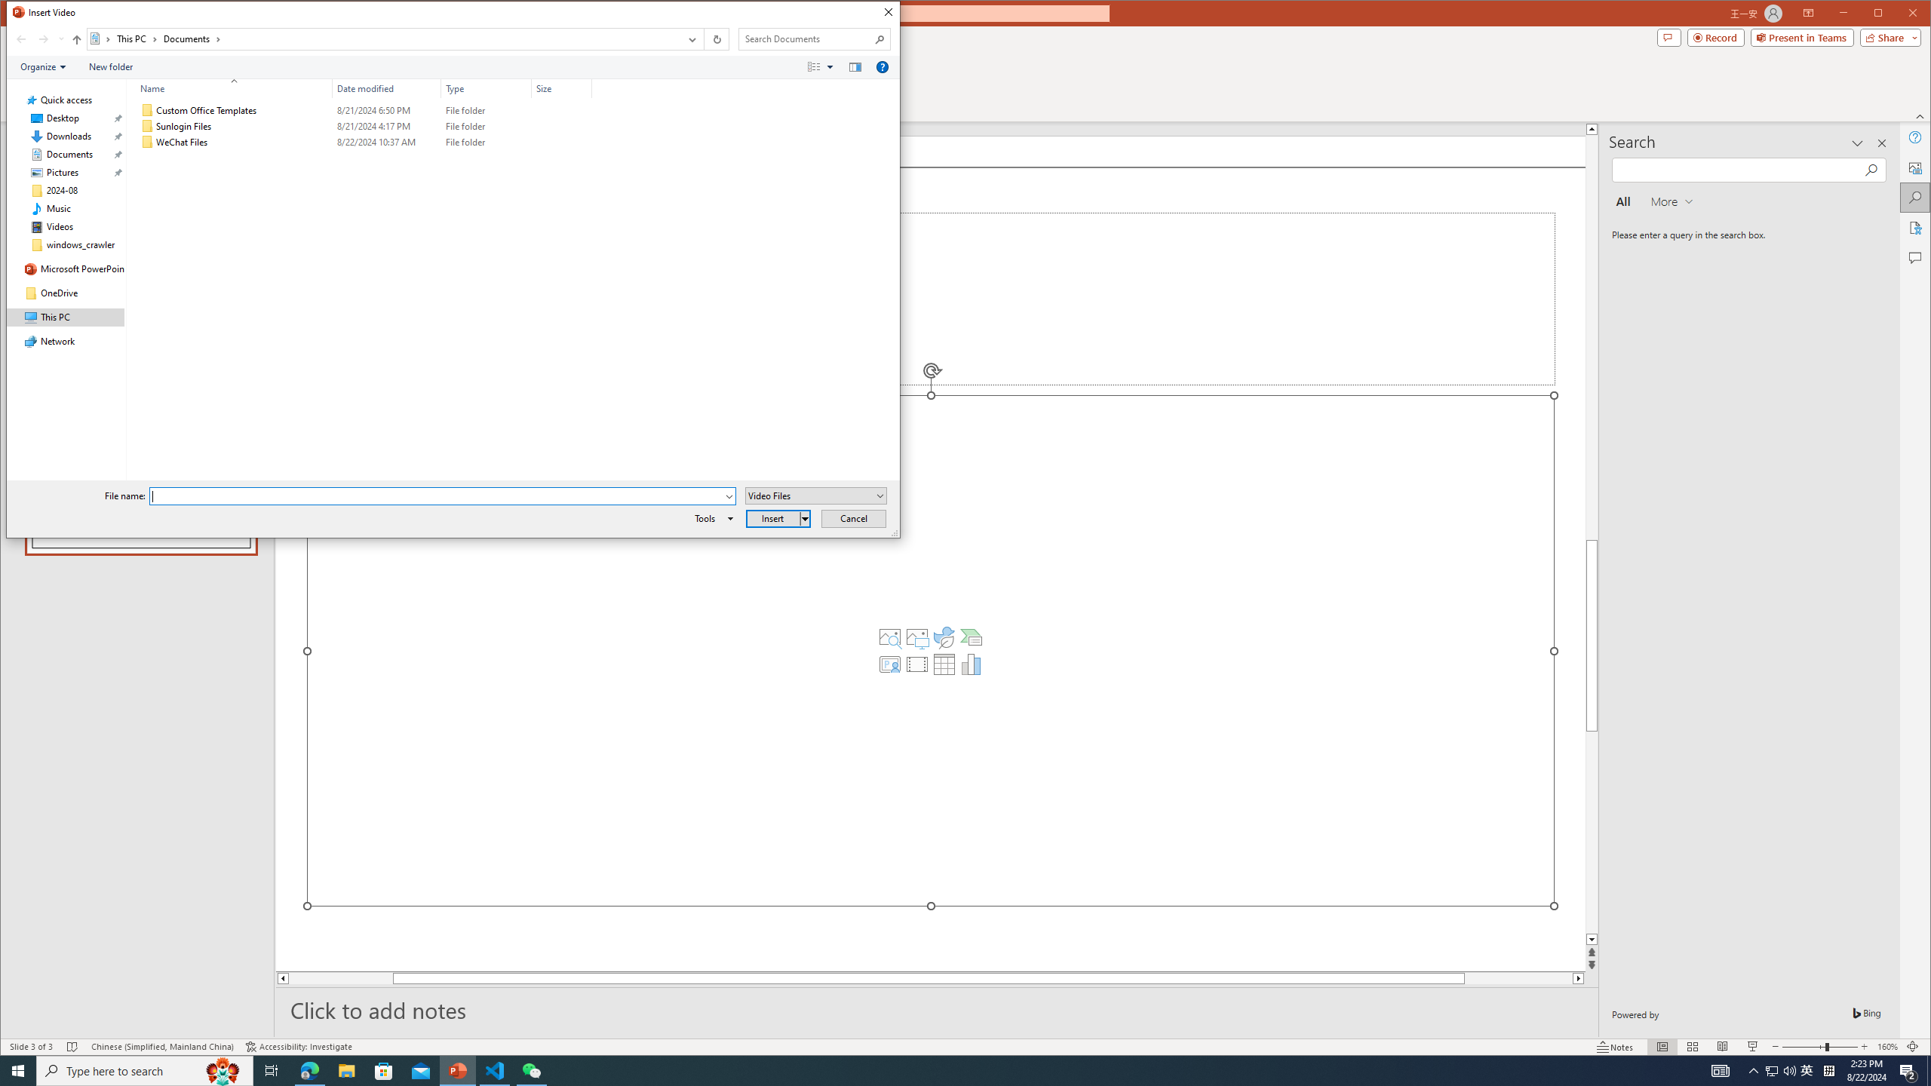 The image size is (1931, 1086). Describe the element at coordinates (191, 38) in the screenshot. I see `'Documents'` at that location.